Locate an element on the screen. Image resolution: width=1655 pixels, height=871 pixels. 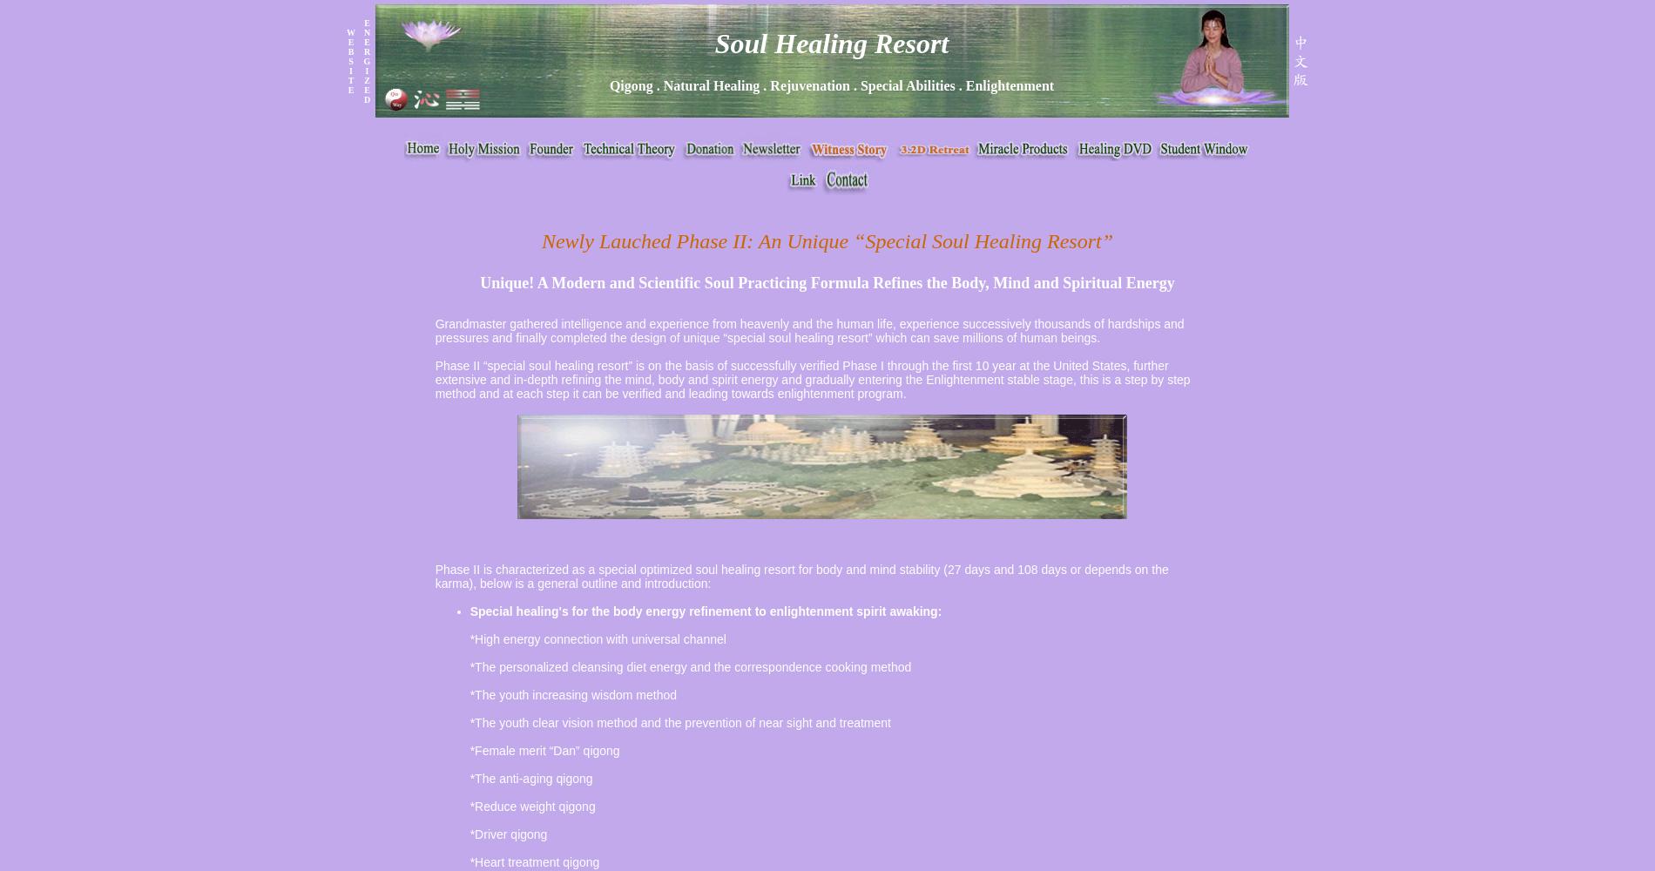
'*The personalized cleansing diet energy and the correspondence cooking method' is located at coordinates (689, 667).